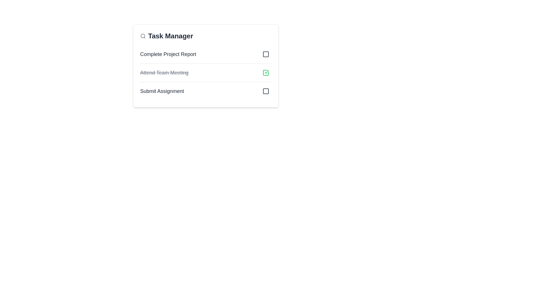  What do you see at coordinates (266, 91) in the screenshot?
I see `the third button located towards the right end of the row associated with the text 'Submit Assignment'` at bounding box center [266, 91].